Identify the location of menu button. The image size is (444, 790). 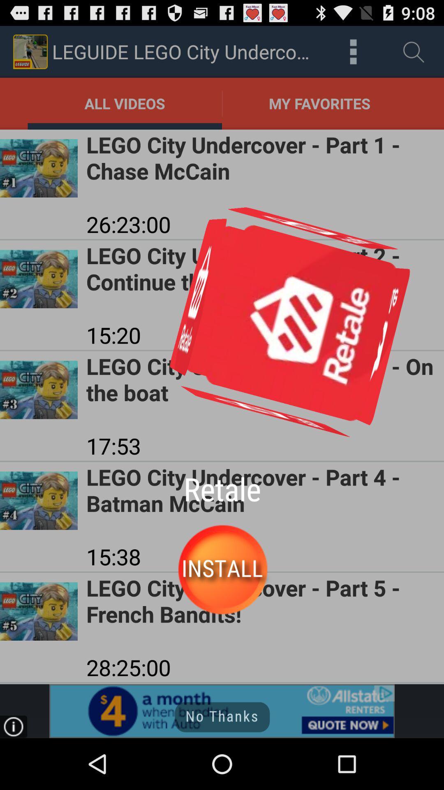
(353, 51).